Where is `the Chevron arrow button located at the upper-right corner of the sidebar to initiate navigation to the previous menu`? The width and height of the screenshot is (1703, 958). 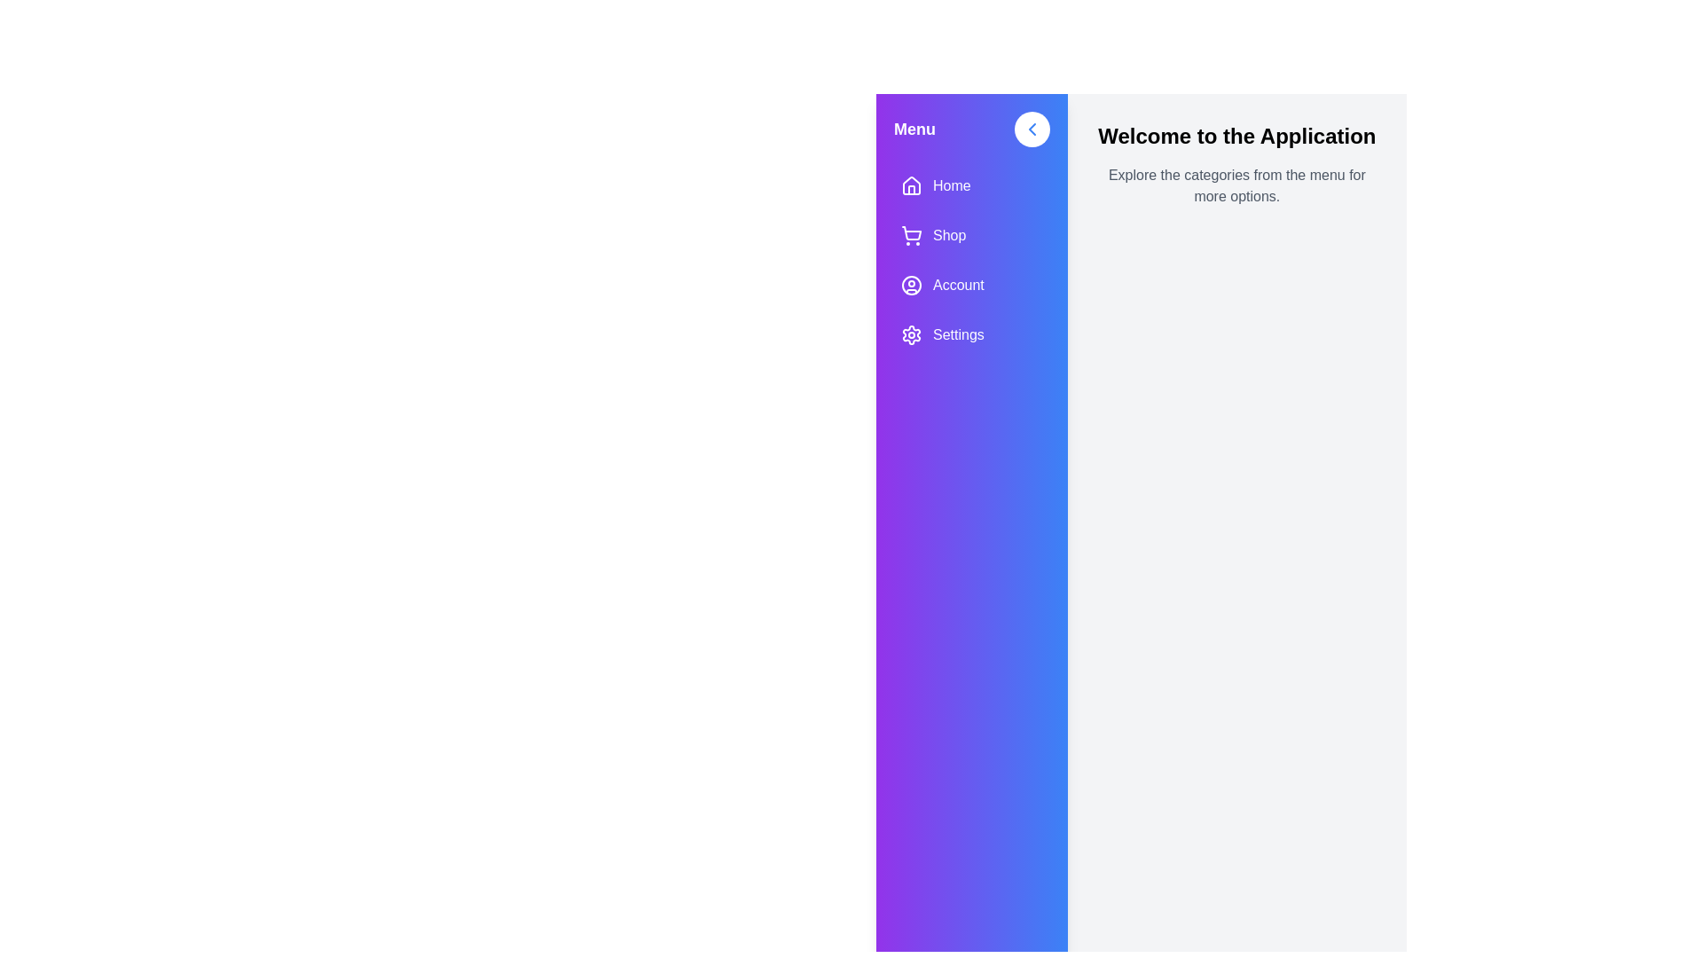 the Chevron arrow button located at the upper-right corner of the sidebar to initiate navigation to the previous menu is located at coordinates (1032, 129).